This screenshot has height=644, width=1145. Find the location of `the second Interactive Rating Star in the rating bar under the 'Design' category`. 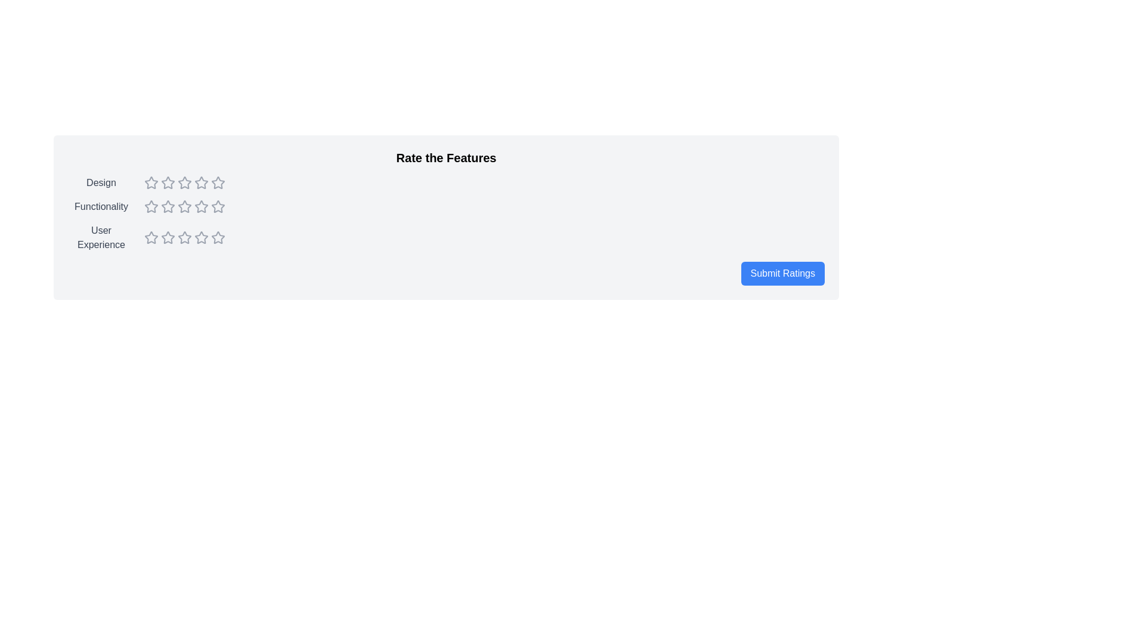

the second Interactive Rating Star in the rating bar under the 'Design' category is located at coordinates (201, 182).